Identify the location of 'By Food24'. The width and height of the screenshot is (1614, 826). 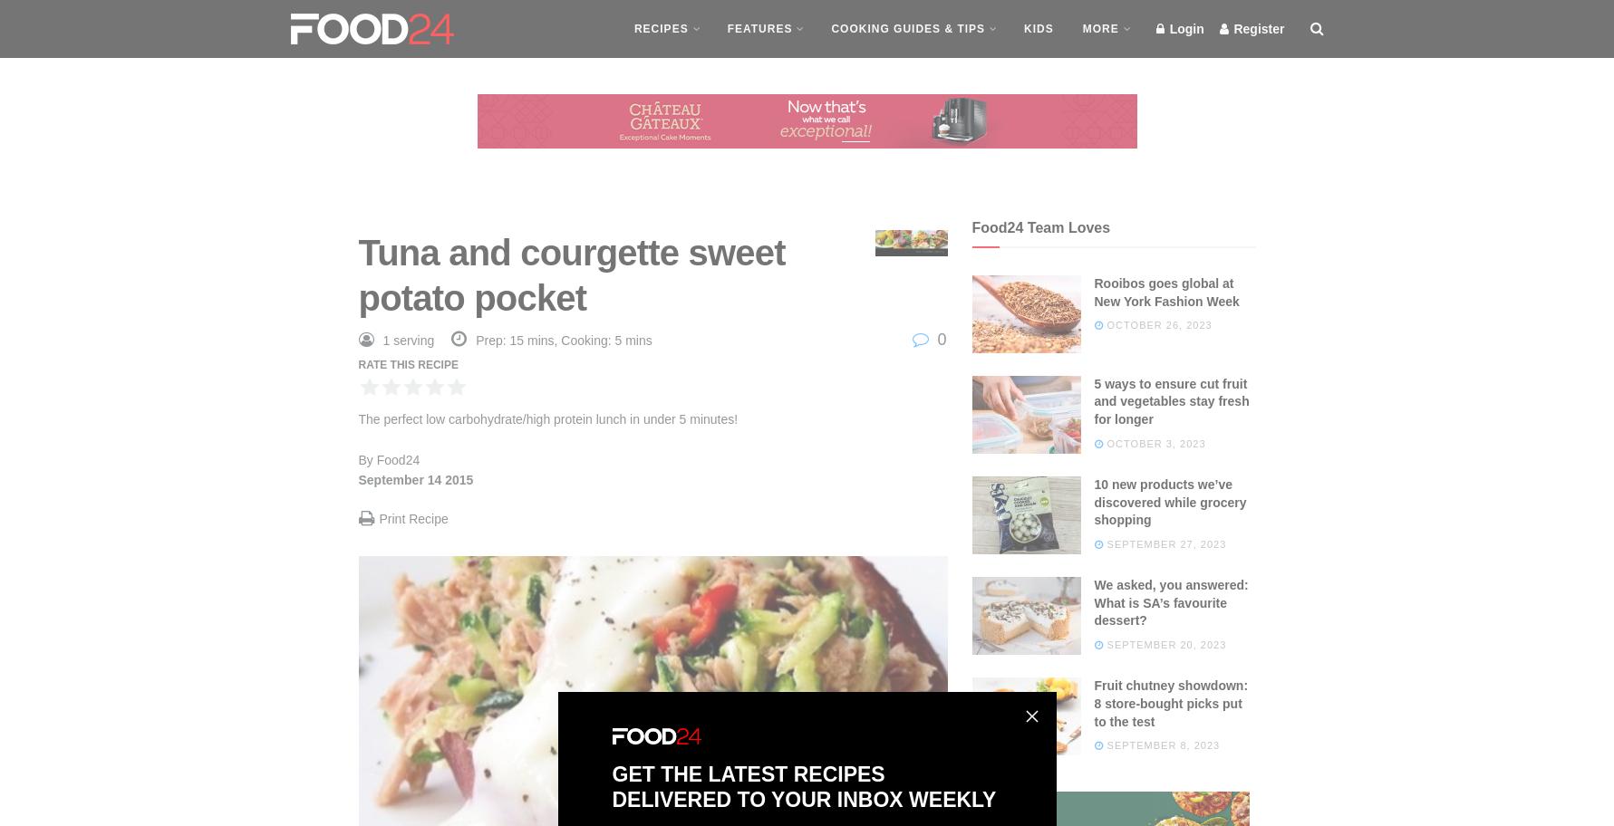
(388, 457).